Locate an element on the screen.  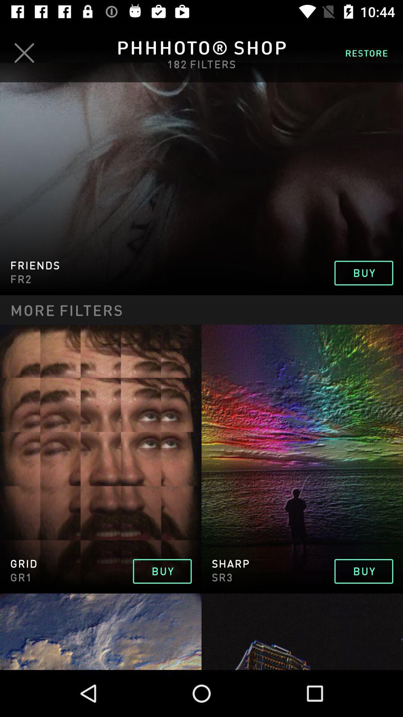
the item above buy icon is located at coordinates (366, 52).